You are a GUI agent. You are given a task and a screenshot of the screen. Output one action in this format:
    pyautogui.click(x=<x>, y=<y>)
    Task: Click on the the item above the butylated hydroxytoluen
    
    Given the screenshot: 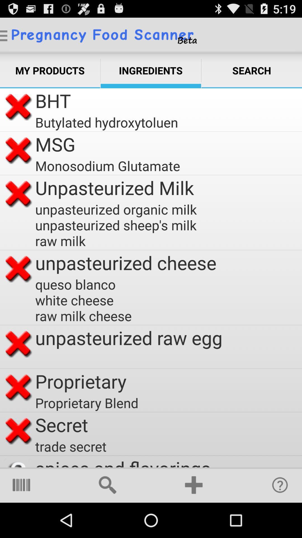 What is the action you would take?
    pyautogui.click(x=53, y=101)
    